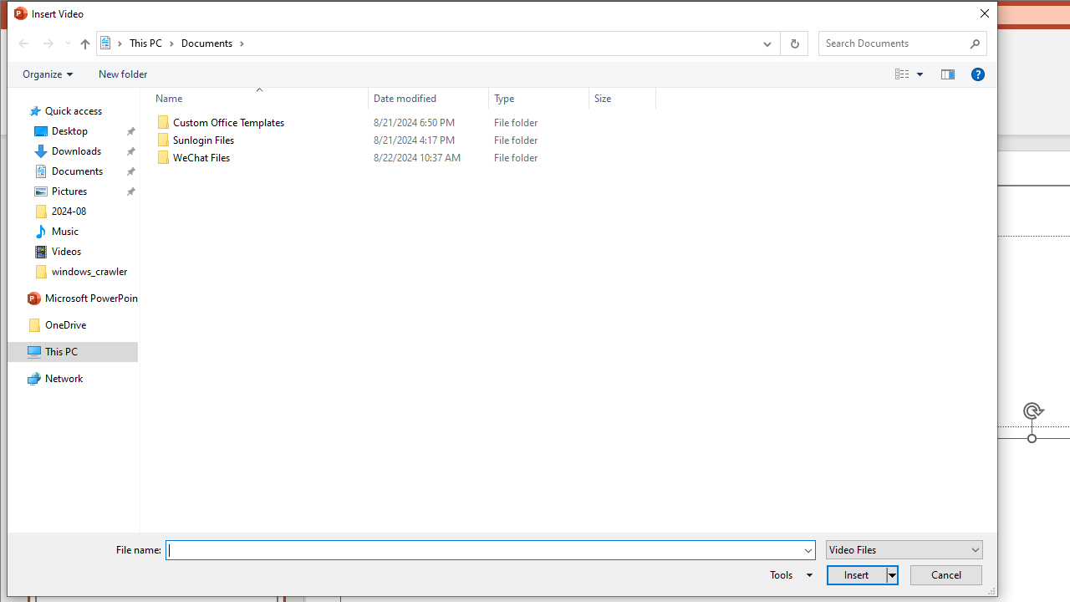  Describe the element at coordinates (47, 74) in the screenshot. I see `'Organize'` at that location.